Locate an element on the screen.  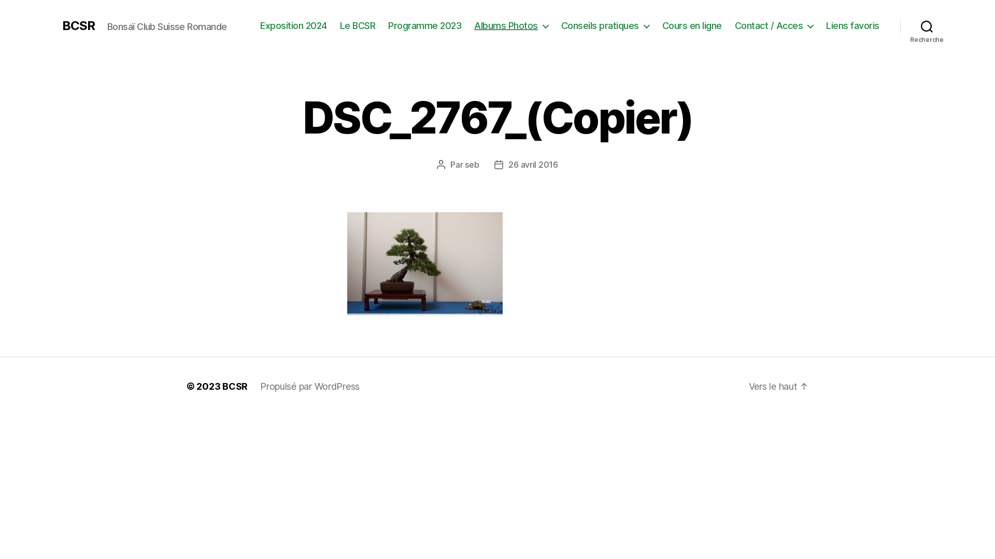
'seb' is located at coordinates (471, 164).